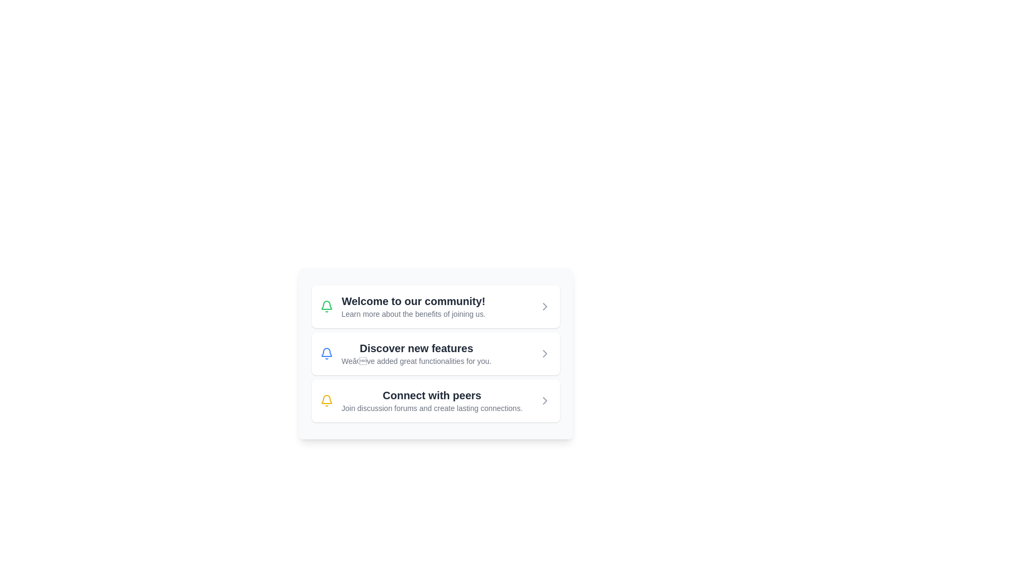  Describe the element at coordinates (326, 353) in the screenshot. I see `the blue notification bell icon located in the second card titled 'Discover new features'` at that location.